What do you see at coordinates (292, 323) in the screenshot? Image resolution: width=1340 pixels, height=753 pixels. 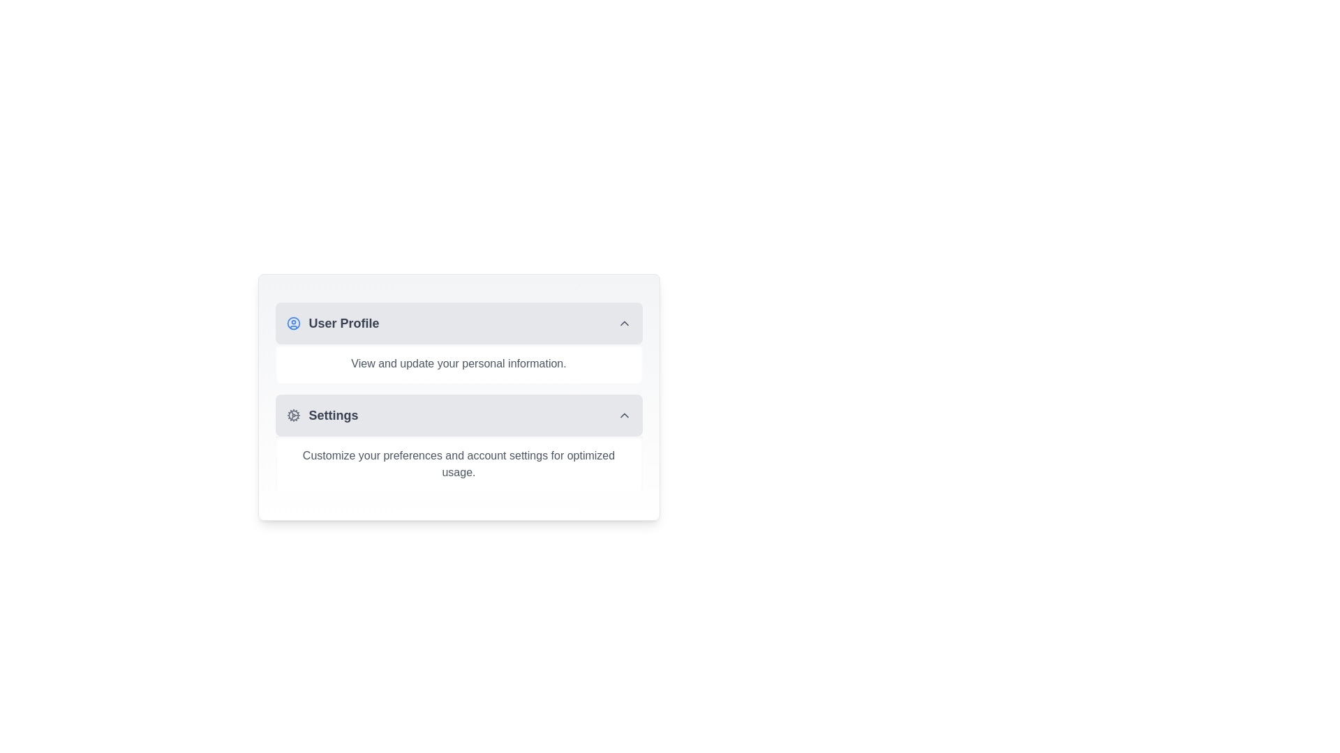 I see `the user profile icon representing user information, located in the User Profile section on the left side next to the text label` at bounding box center [292, 323].